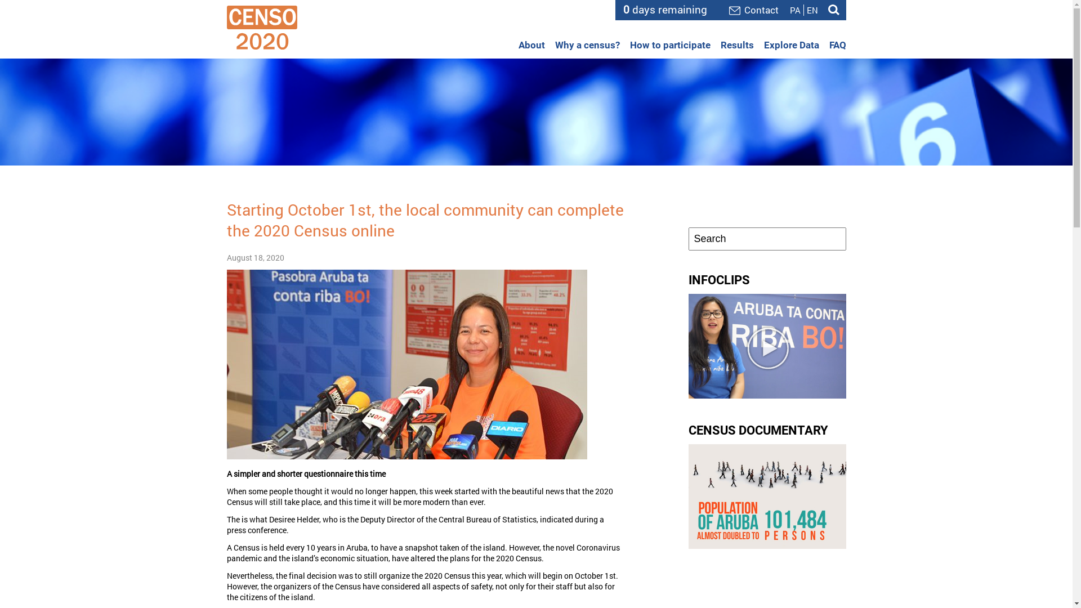 The image size is (1081, 608). Describe the element at coordinates (669, 44) in the screenshot. I see `'How to participate'` at that location.